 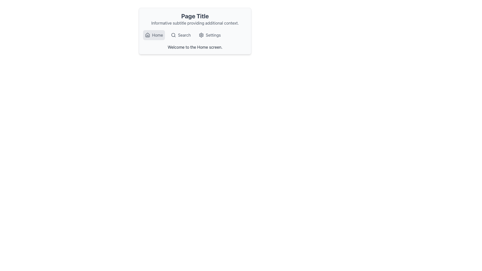 What do you see at coordinates (195, 23) in the screenshot?
I see `the textual label displaying 'Informative subtitle providing additional context.' which is located below the main title 'Page Title.'` at bounding box center [195, 23].